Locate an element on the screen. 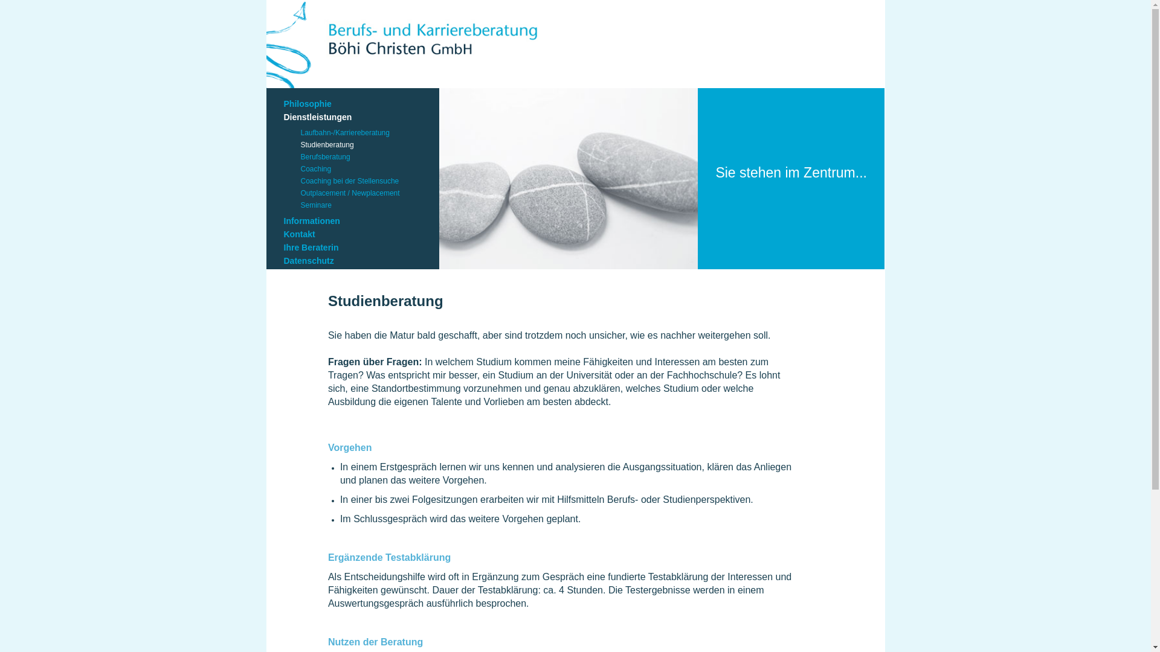 The image size is (1160, 652). 'Dienstleistungen' is located at coordinates (277, 117).